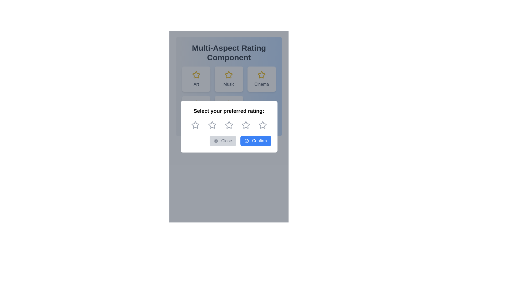  Describe the element at coordinates (261, 79) in the screenshot. I see `the 'Cinema' button, which is a white rectangular button with a golden outlined star icon and dark gray text` at that location.